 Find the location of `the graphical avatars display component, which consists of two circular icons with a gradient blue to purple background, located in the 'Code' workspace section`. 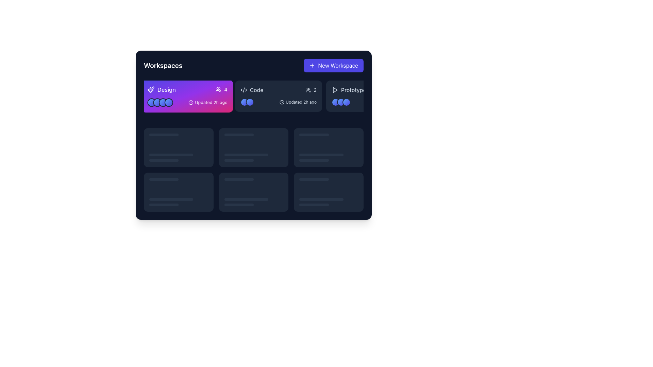

the graphical avatars display component, which consists of two circular icons with a gradient blue to purple background, located in the 'Code' workspace section is located at coordinates (247, 102).